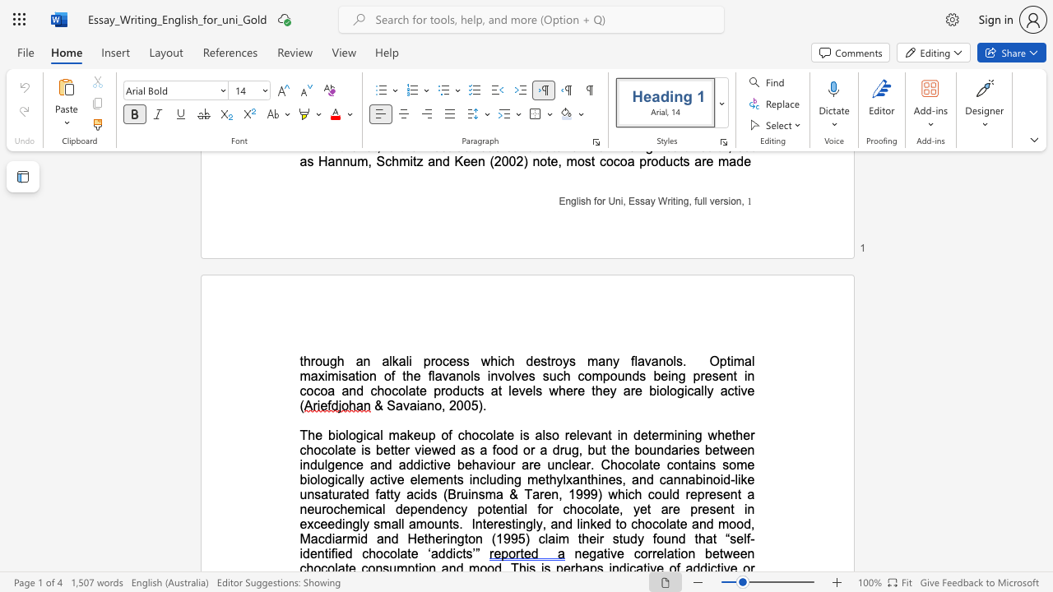  I want to click on the subset text "in exceedingly small amo" within the text "a neurochemical dependency potential for chocolate, yet are present in exceedingly small amounts", so click(744, 508).